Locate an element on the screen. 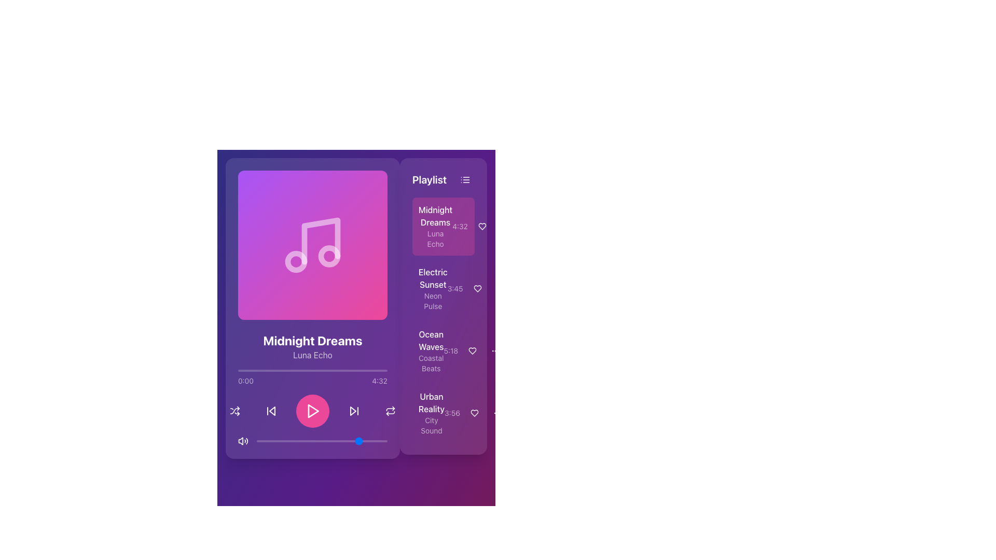 The image size is (996, 560). second circle in the graphical music icon located on the left section of the UI for design details is located at coordinates (328, 256).